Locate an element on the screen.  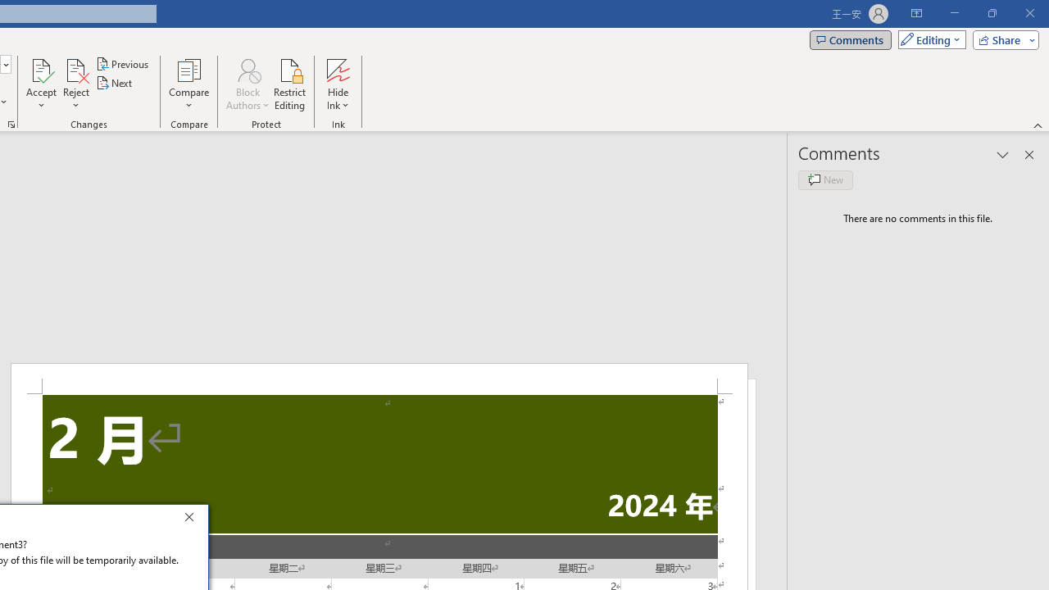
'Compare' is located at coordinates (189, 84).